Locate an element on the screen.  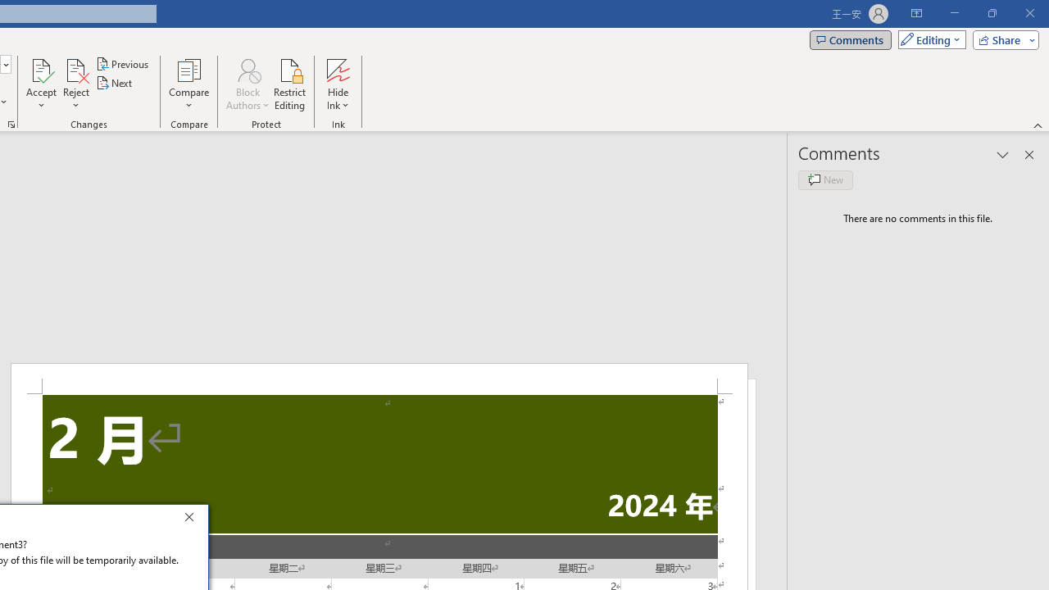
'Compare' is located at coordinates (189, 84).